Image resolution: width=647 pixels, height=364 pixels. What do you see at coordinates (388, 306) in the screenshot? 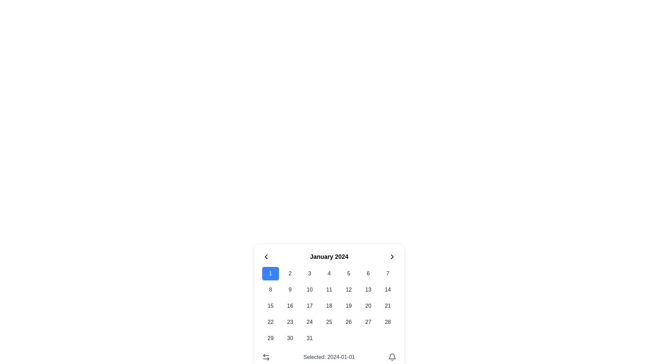
I see `the clickable calendar date cell representing the 21st` at bounding box center [388, 306].